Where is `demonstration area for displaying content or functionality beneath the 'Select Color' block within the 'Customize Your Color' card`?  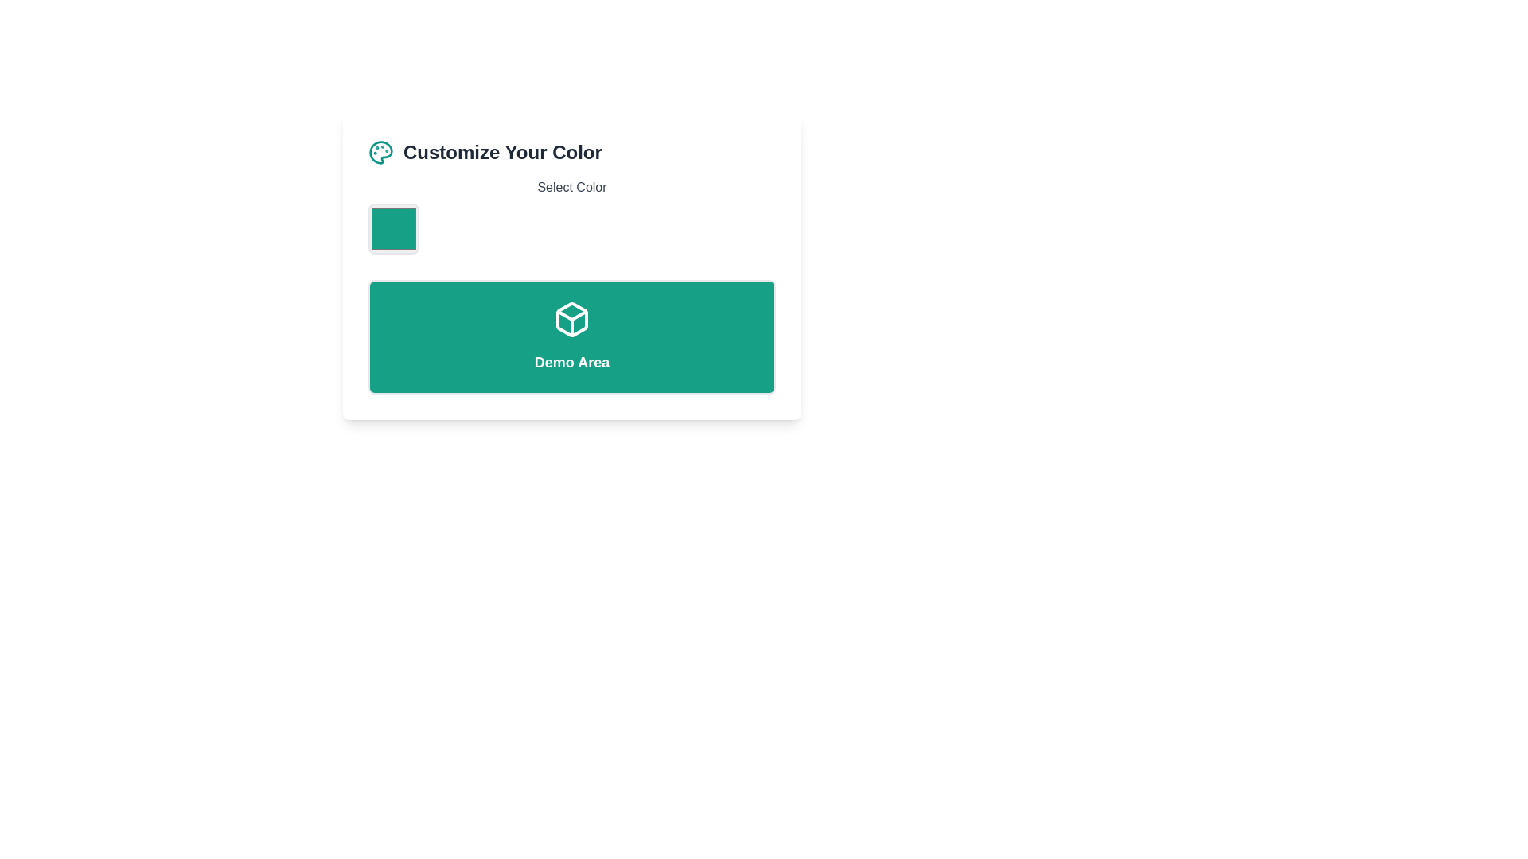 demonstration area for displaying content or functionality beneath the 'Select Color' block within the 'Customize Your Color' card is located at coordinates (572, 336).